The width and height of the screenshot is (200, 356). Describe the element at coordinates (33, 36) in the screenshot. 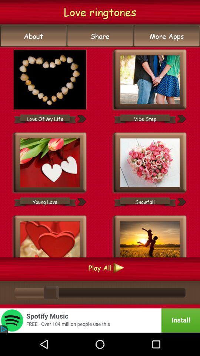

I see `item to the left of share item` at that location.